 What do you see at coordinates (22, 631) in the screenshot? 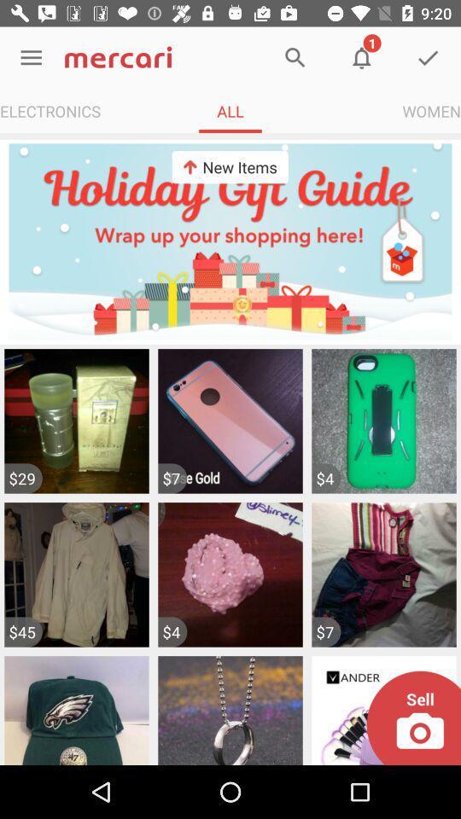
I see `the $45` at bounding box center [22, 631].